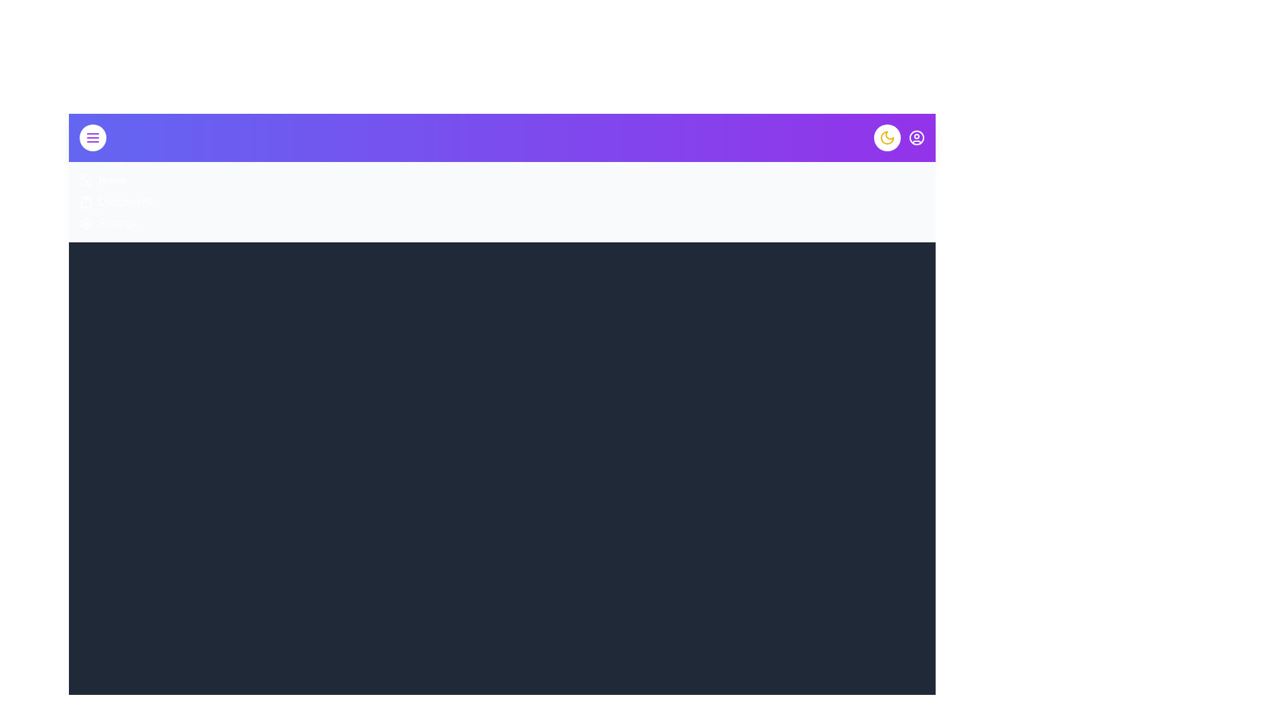 The image size is (1285, 723). I want to click on the user profile icon, so click(916, 137).